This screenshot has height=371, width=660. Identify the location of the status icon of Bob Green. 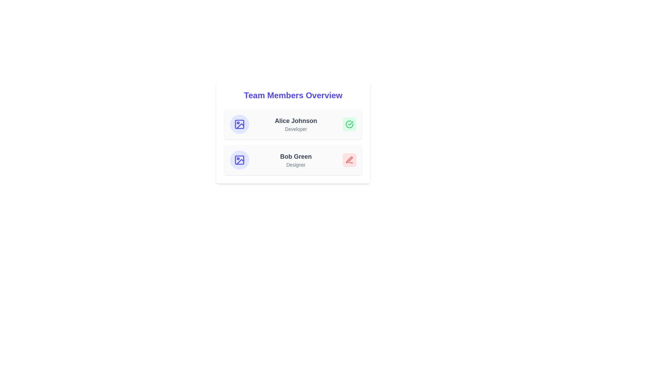
(350, 160).